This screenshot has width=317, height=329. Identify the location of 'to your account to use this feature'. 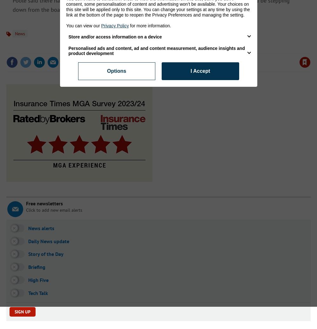
(269, 49).